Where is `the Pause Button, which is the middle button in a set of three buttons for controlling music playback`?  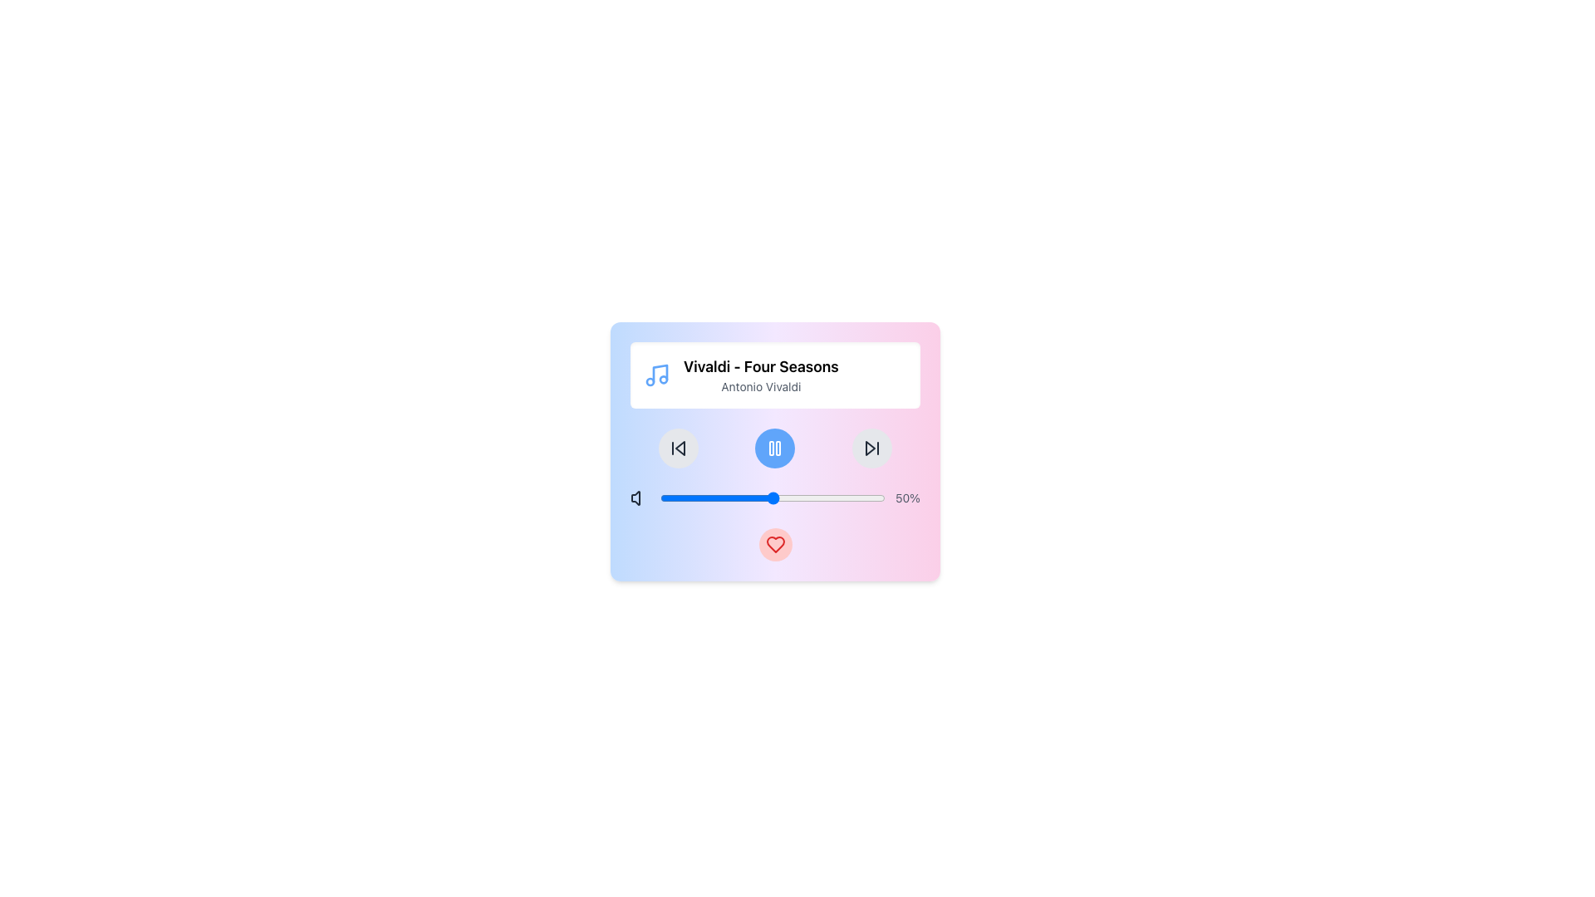
the Pause Button, which is the middle button in a set of three buttons for controlling music playback is located at coordinates (774, 448).